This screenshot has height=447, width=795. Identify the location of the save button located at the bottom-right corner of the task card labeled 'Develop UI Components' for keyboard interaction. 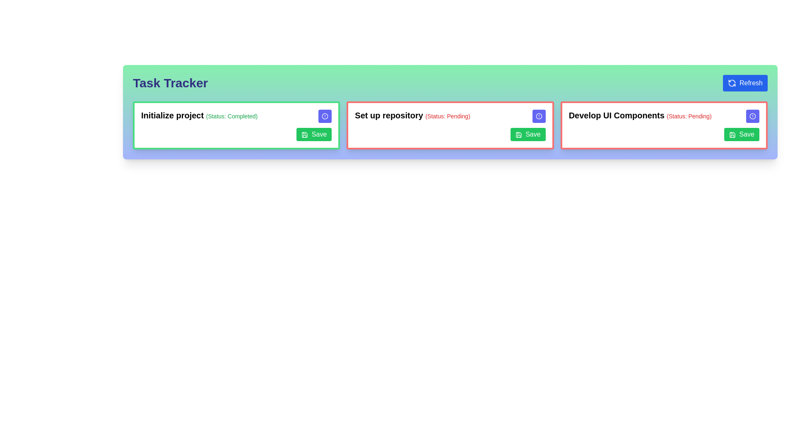
(742, 134).